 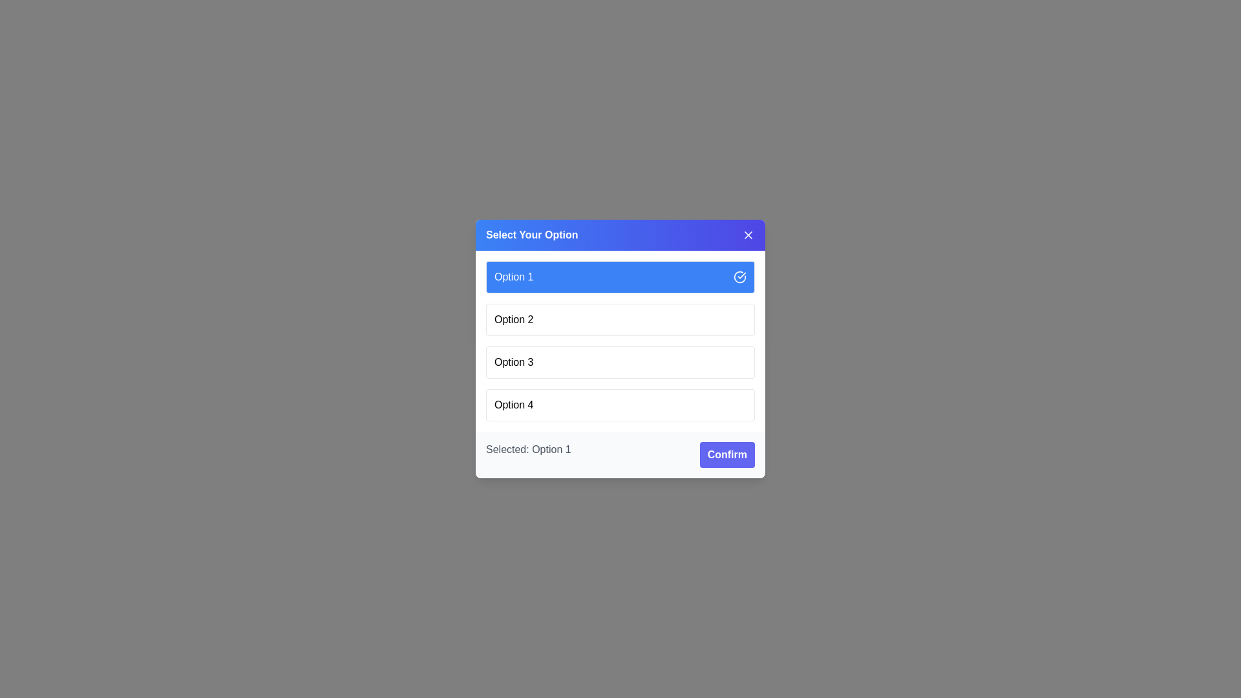 I want to click on the Confirmation icon located to the right of the 'Option 1' text to interact with it, so click(x=740, y=276).